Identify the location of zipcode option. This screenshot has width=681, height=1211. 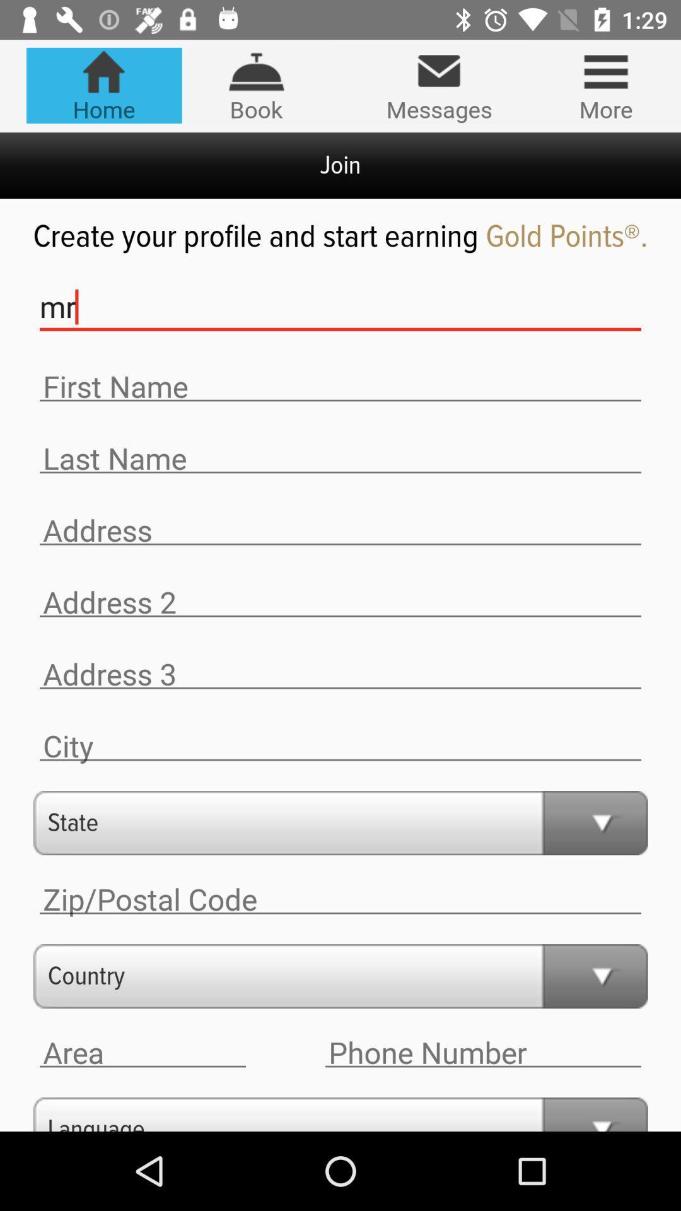
(340, 899).